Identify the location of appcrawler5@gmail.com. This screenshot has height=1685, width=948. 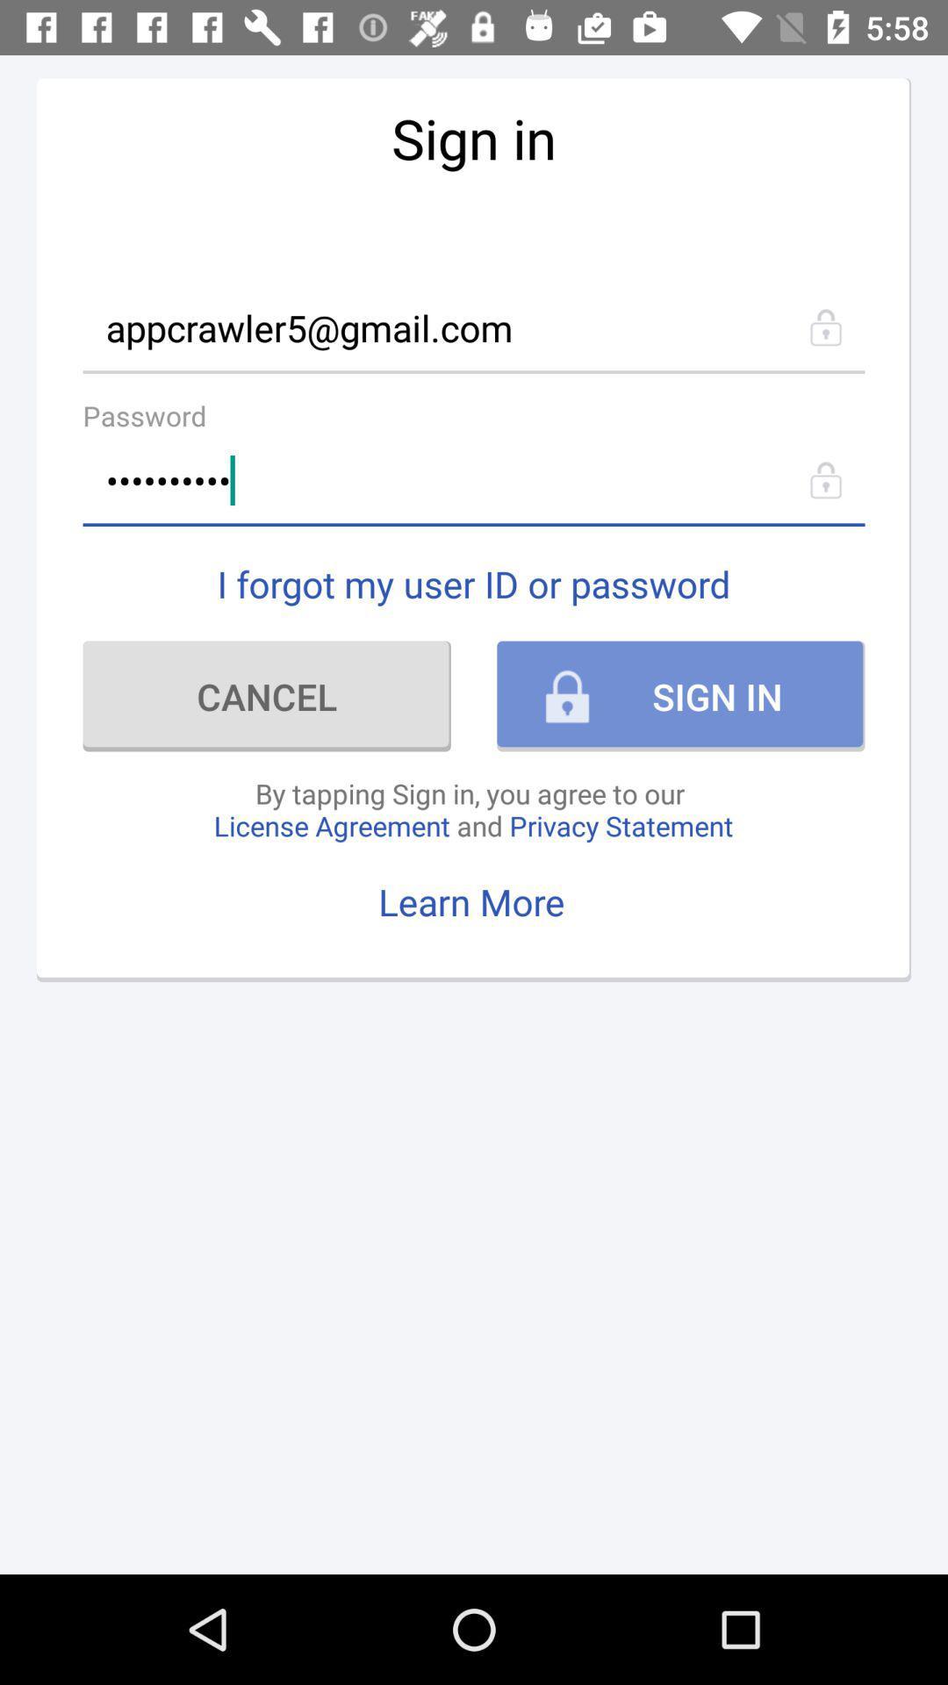
(474, 327).